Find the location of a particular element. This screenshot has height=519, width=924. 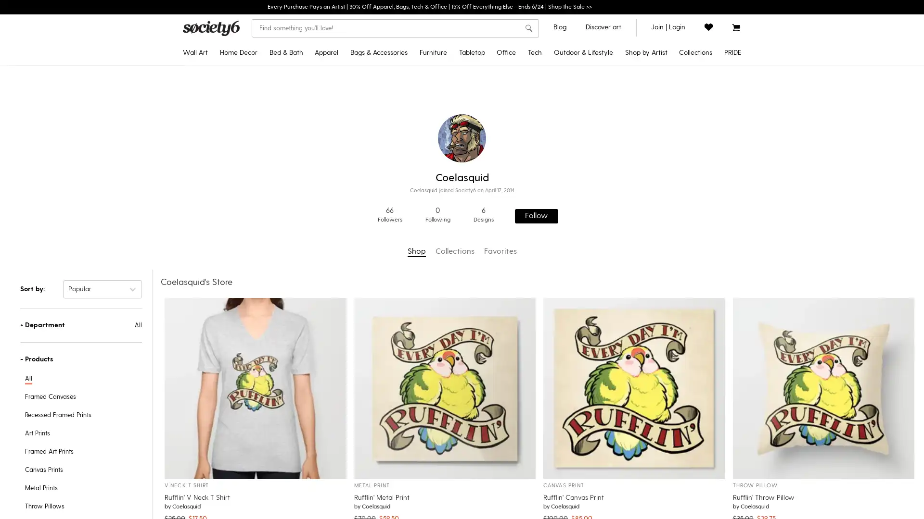

Coffee Tables is located at coordinates (449, 154).